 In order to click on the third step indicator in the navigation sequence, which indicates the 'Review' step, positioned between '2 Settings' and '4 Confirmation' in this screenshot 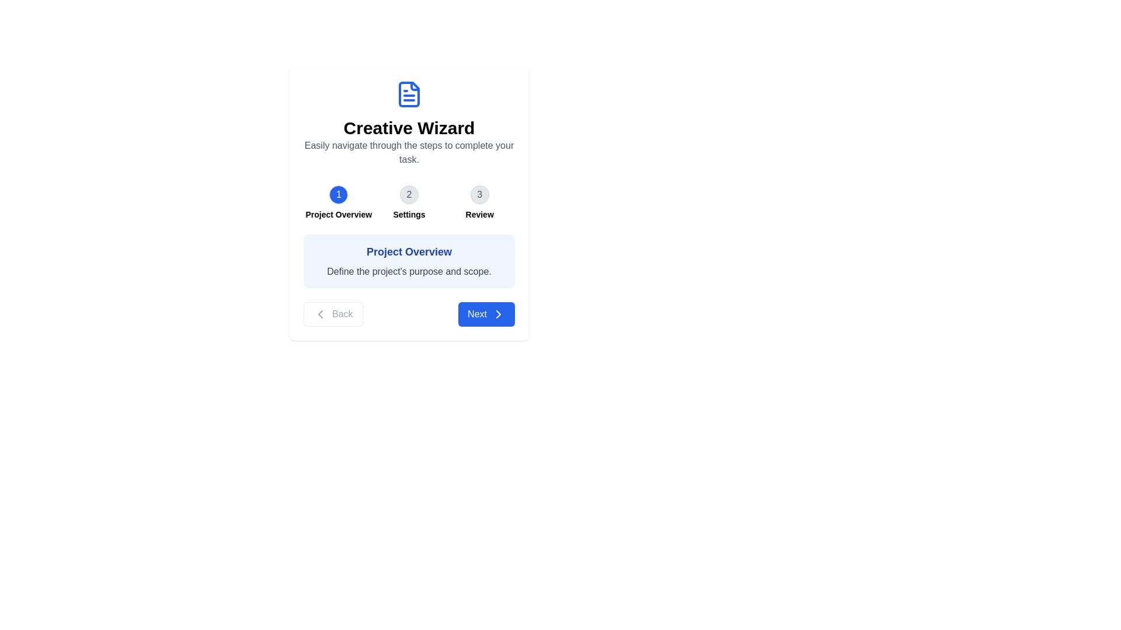, I will do `click(479, 194)`.